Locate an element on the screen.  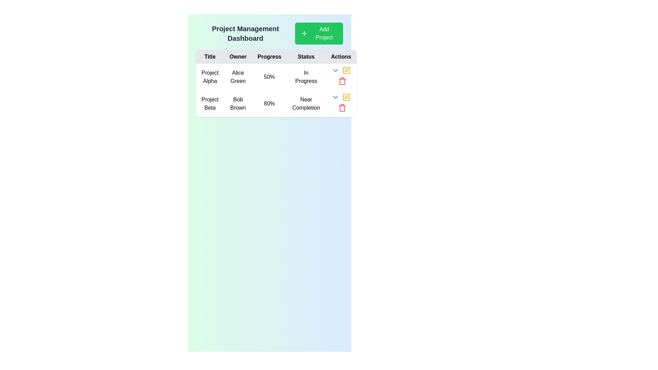
the addition icon located to the left of the 'Add Project' button in the top-right corner of the application interface is located at coordinates (304, 33).